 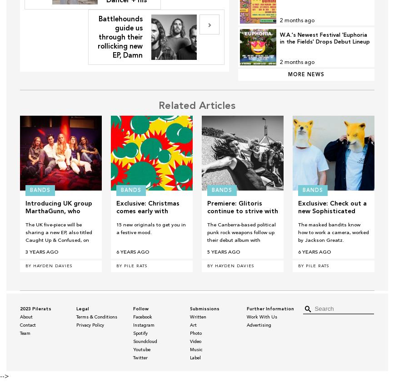 I want to click on 'Label', so click(x=195, y=358).